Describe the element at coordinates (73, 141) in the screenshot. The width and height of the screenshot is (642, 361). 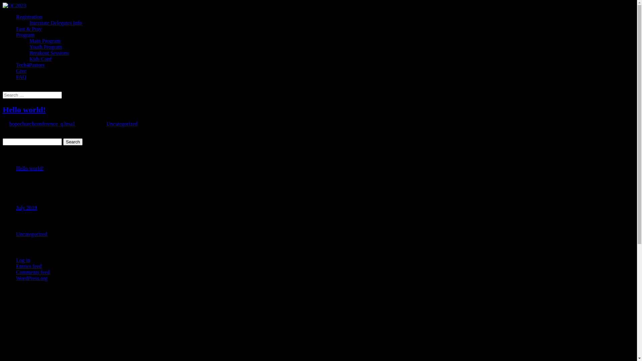
I see `'Search'` at that location.